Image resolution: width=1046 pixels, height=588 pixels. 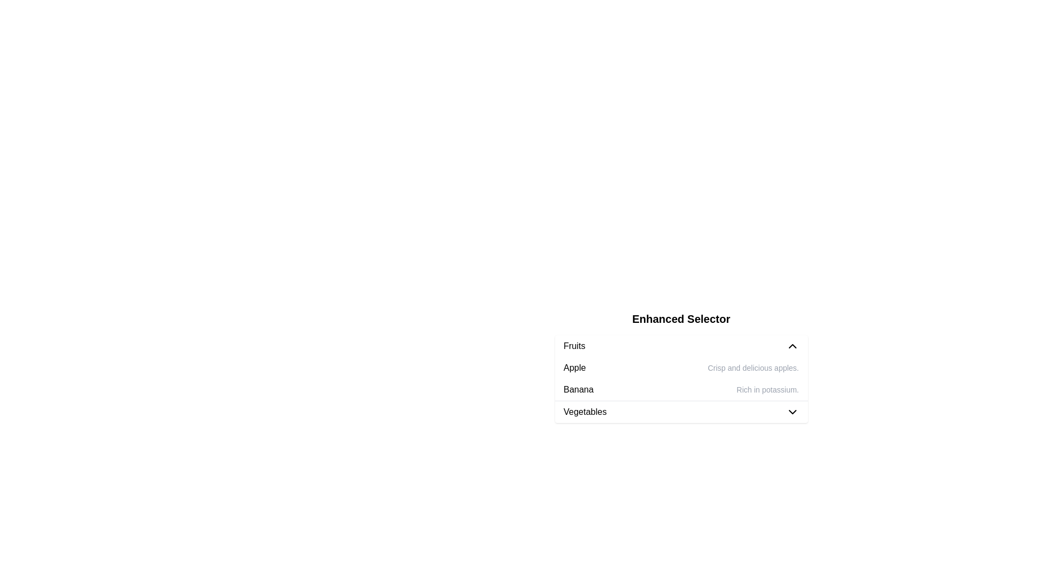 What do you see at coordinates (585, 412) in the screenshot?
I see `on the 'Vegetables' text label in the dropdown menu` at bounding box center [585, 412].